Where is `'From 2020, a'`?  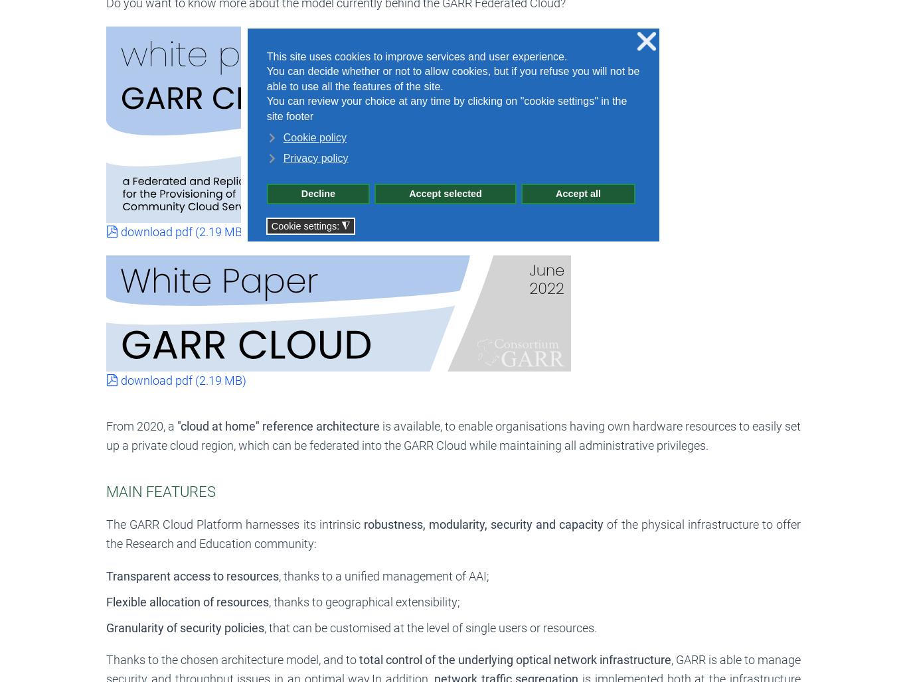 'From 2020, a' is located at coordinates (141, 425).